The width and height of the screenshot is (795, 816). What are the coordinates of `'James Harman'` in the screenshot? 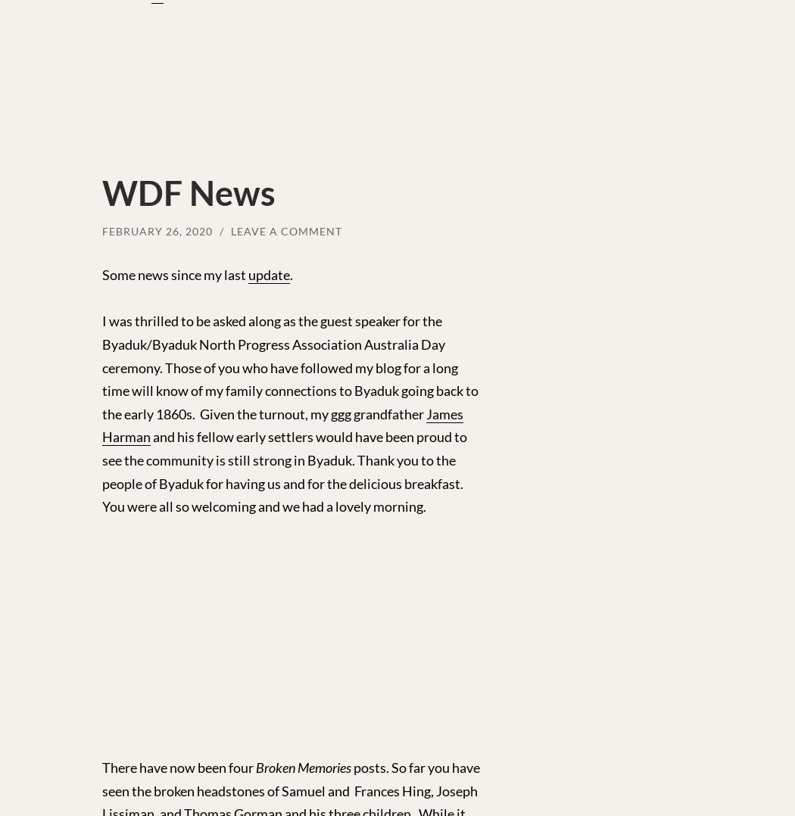 It's located at (282, 424).